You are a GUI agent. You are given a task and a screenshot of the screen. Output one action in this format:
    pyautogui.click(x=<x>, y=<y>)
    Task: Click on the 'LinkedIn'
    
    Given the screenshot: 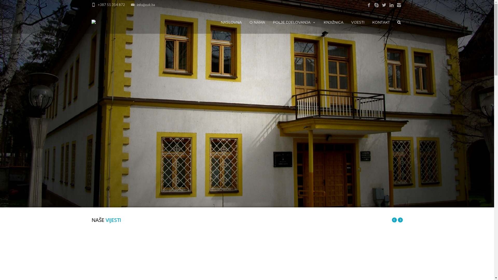 What is the action you would take?
    pyautogui.click(x=391, y=5)
    